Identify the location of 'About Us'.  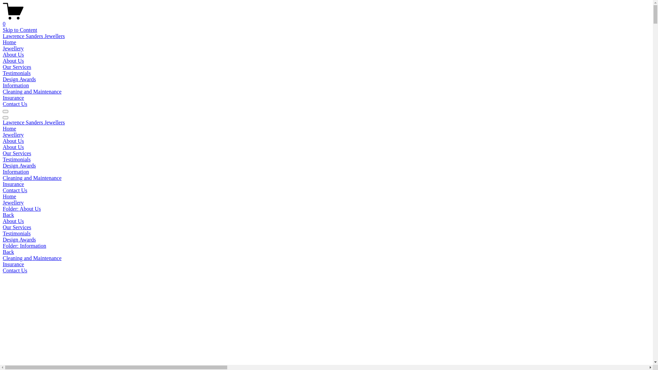
(3, 221).